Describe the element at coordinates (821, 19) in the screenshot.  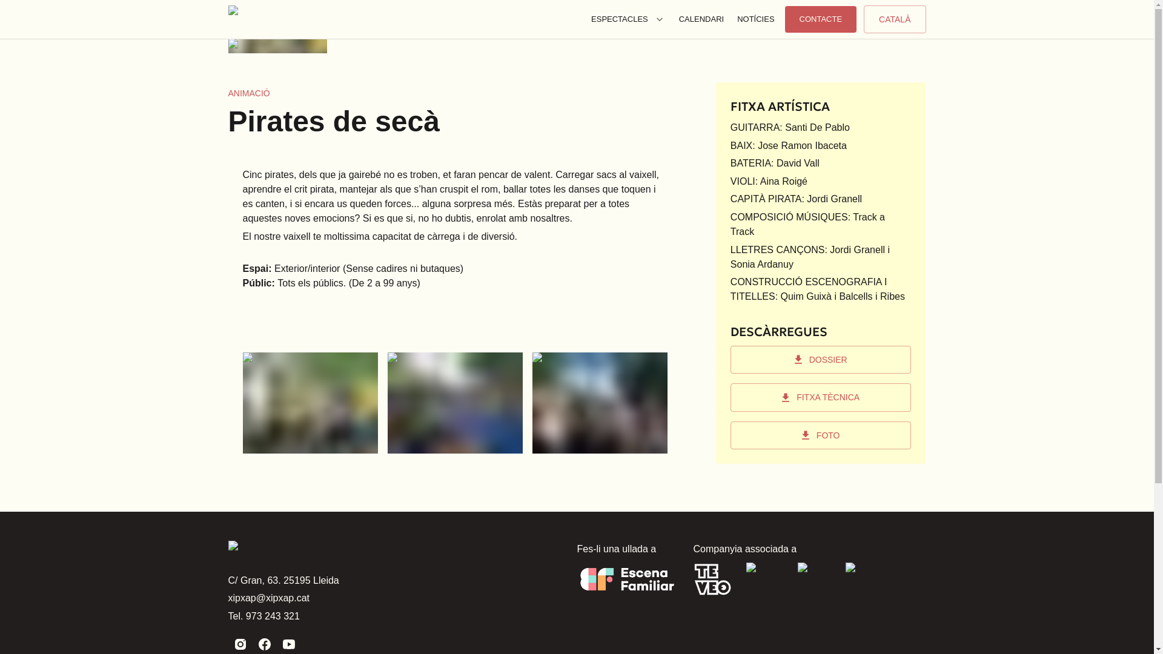
I see `'CONTACTE'` at that location.